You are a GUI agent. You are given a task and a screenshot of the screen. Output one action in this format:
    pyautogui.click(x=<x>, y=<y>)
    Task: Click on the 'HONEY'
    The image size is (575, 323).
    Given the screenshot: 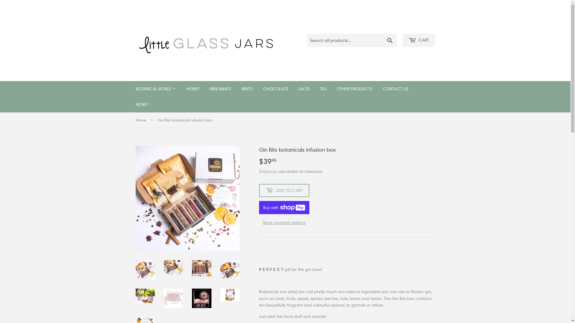 What is the action you would take?
    pyautogui.click(x=193, y=89)
    